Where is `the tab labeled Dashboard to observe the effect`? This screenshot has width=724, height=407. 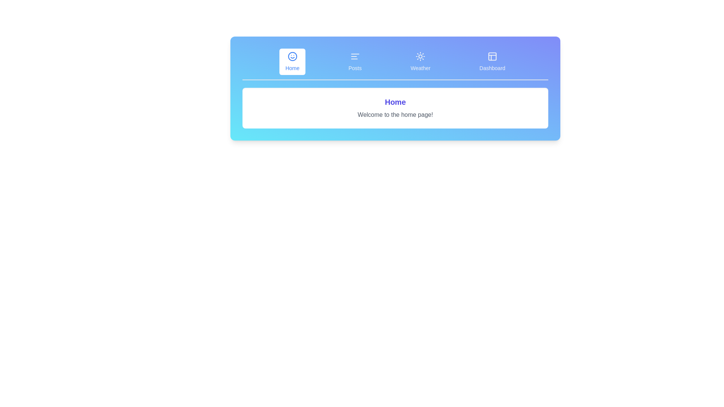
the tab labeled Dashboard to observe the effect is located at coordinates (492, 61).